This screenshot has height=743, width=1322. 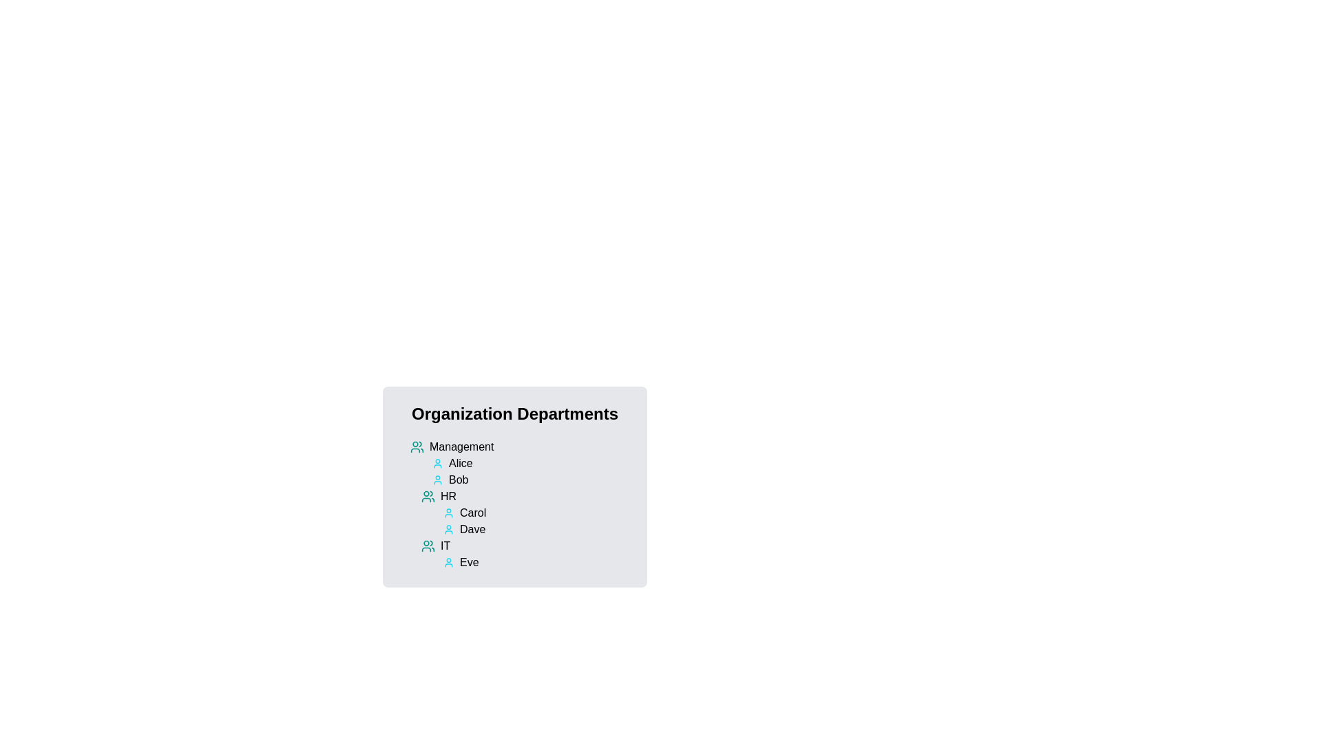 What do you see at coordinates (519, 447) in the screenshot?
I see `the 'Management' label located at the top of the 'Organization Departments' list` at bounding box center [519, 447].